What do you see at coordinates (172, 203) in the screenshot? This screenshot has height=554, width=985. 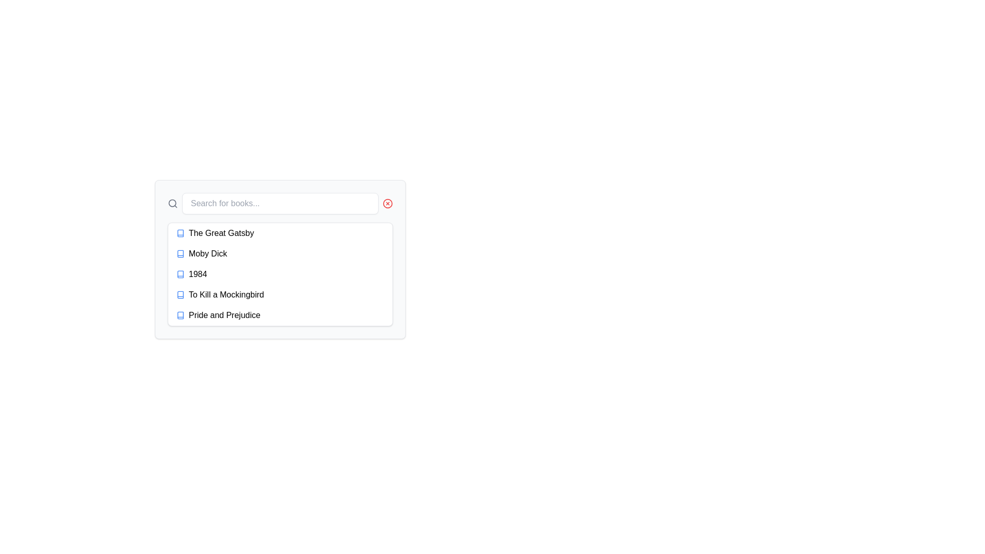 I see `the search button icon by clicking on the center of the graphical element that represents the lens of the magnifying glass` at bounding box center [172, 203].